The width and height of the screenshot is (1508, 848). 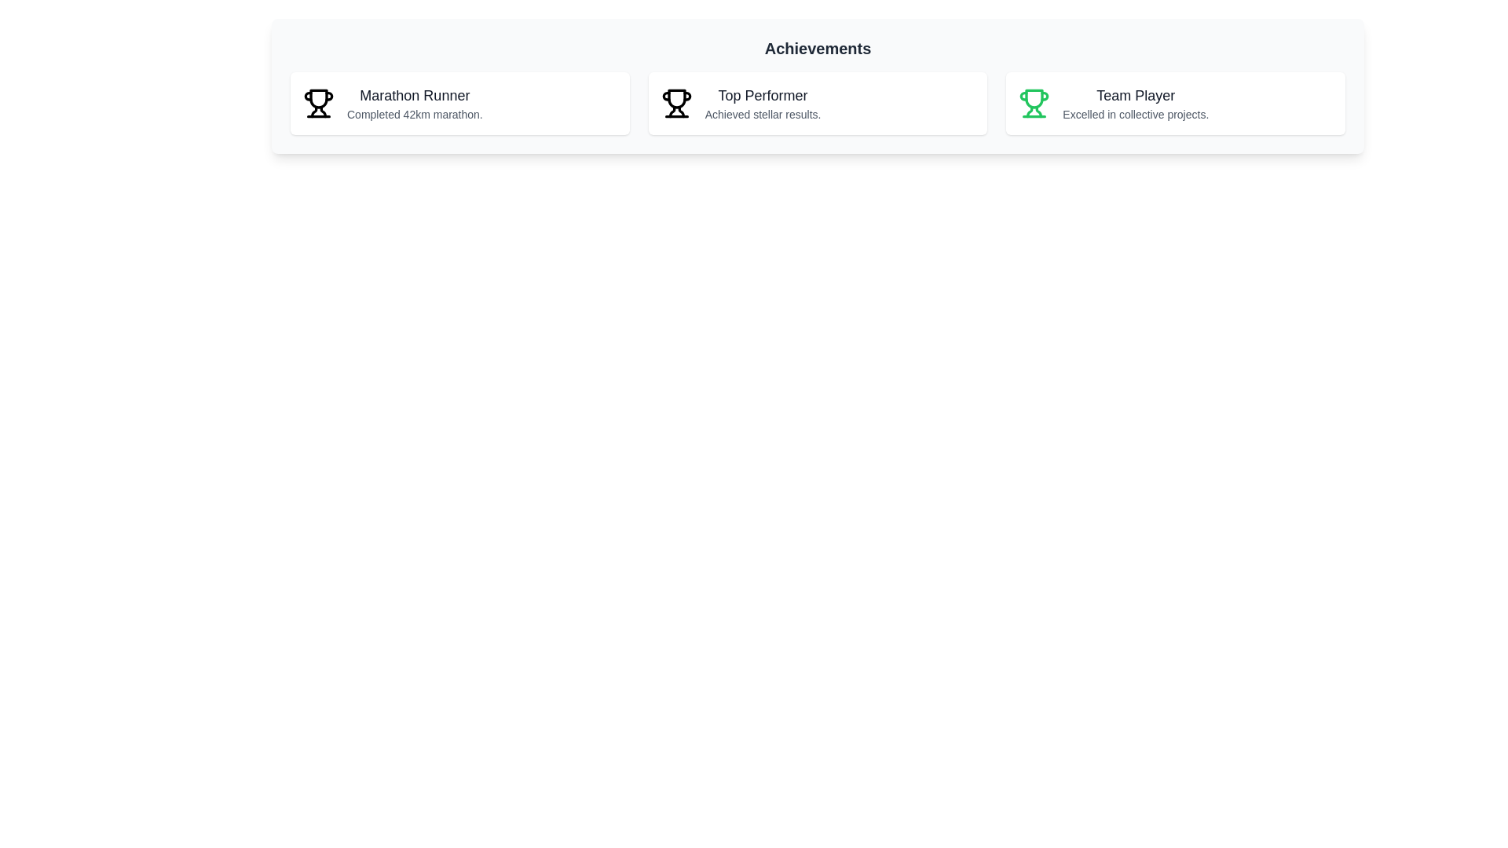 I want to click on the descriptive text displaying 'Excelled in collective projects.' located beneath the 'Team Player' title in the card with a green trophy icon, so click(x=1136, y=114).